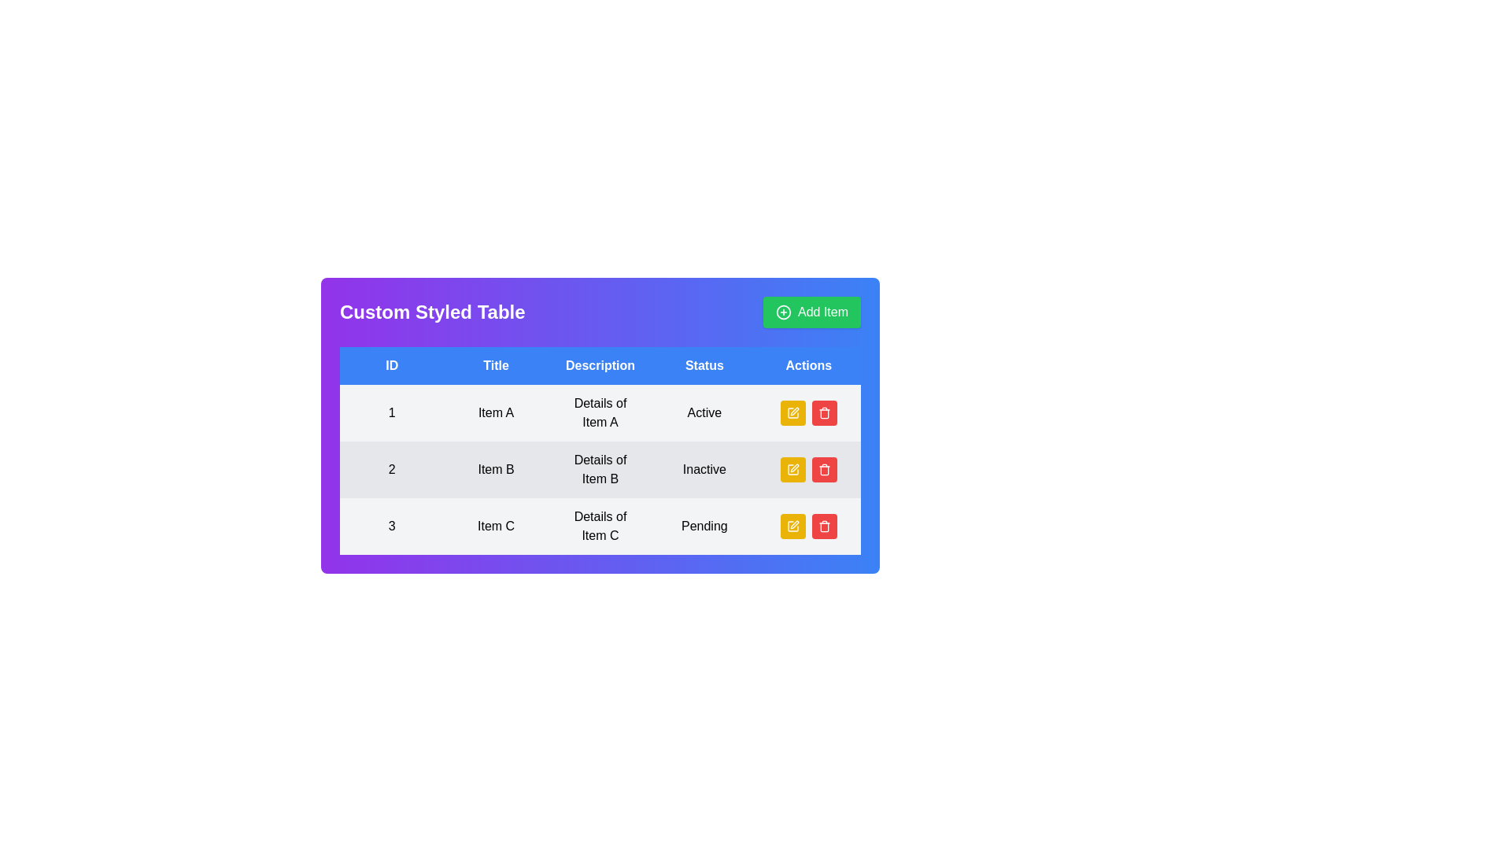 This screenshot has width=1511, height=850. What do you see at coordinates (600, 526) in the screenshot?
I see `the static text label displaying 'Details of Item C' located in the third row of the table under the 'Description' column` at bounding box center [600, 526].